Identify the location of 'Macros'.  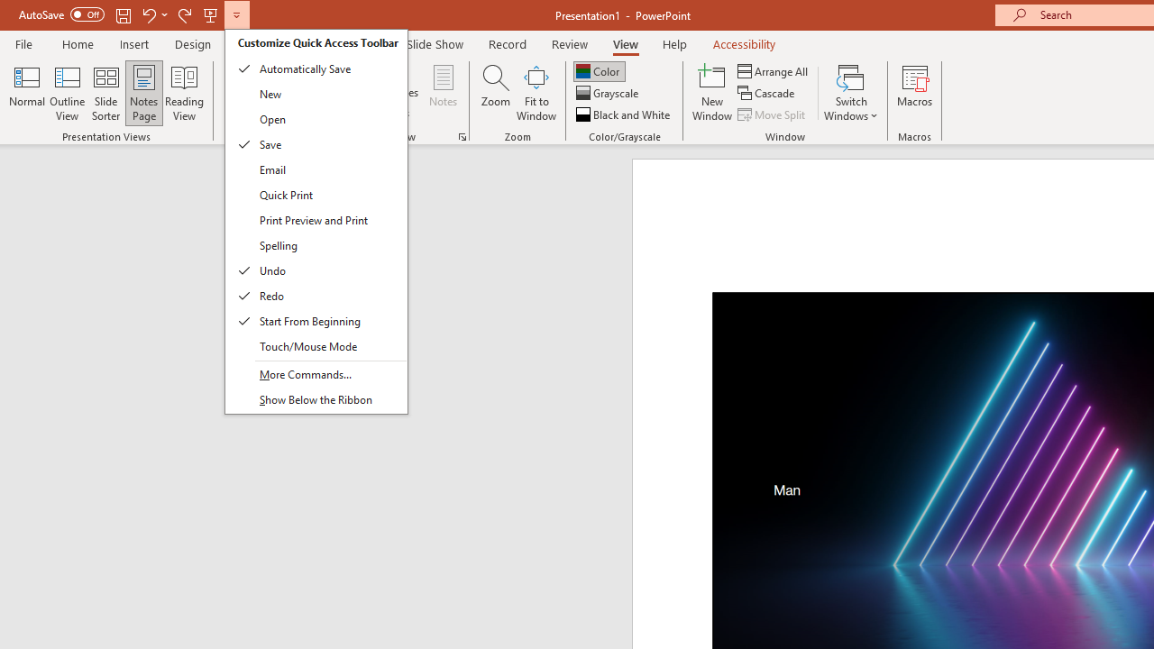
(915, 93).